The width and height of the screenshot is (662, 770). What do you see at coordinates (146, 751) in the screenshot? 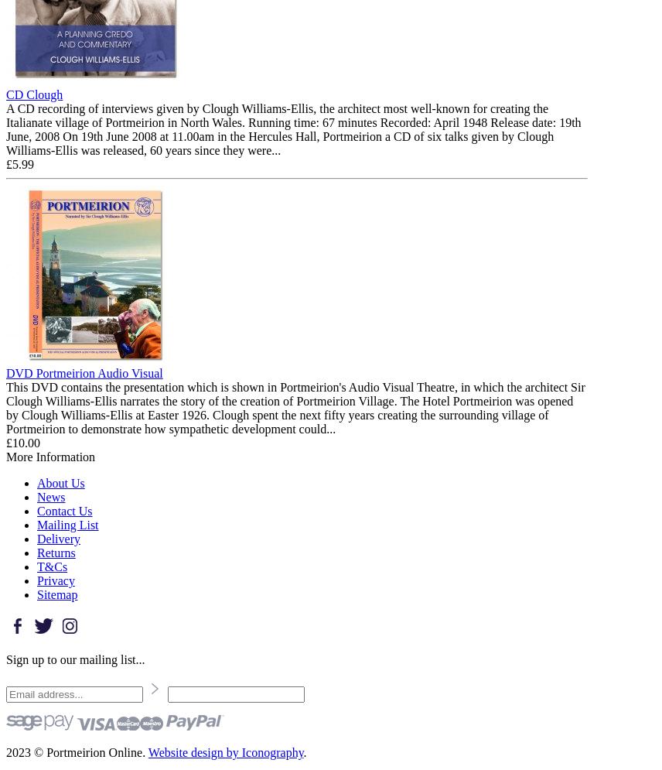
I see `'Website design by Iconography'` at bounding box center [146, 751].